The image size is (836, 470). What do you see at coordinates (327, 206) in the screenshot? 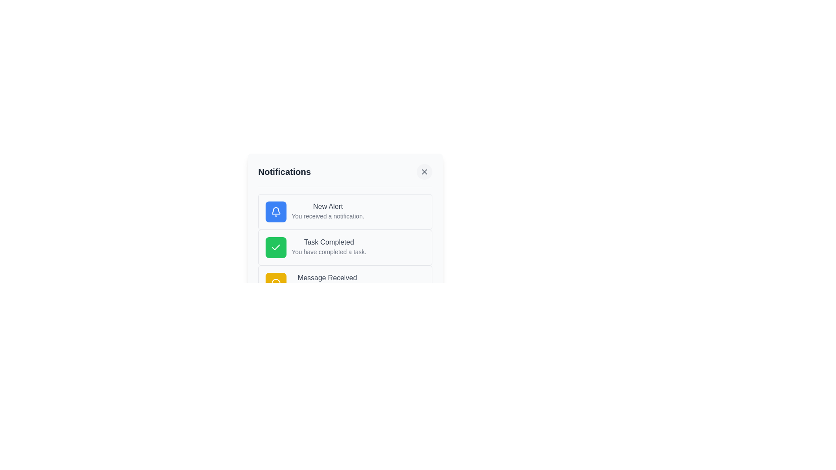
I see `the text label that reads 'New Alert', which is styled with a medium font weight and gray color, located at the top of a notification card` at bounding box center [327, 206].